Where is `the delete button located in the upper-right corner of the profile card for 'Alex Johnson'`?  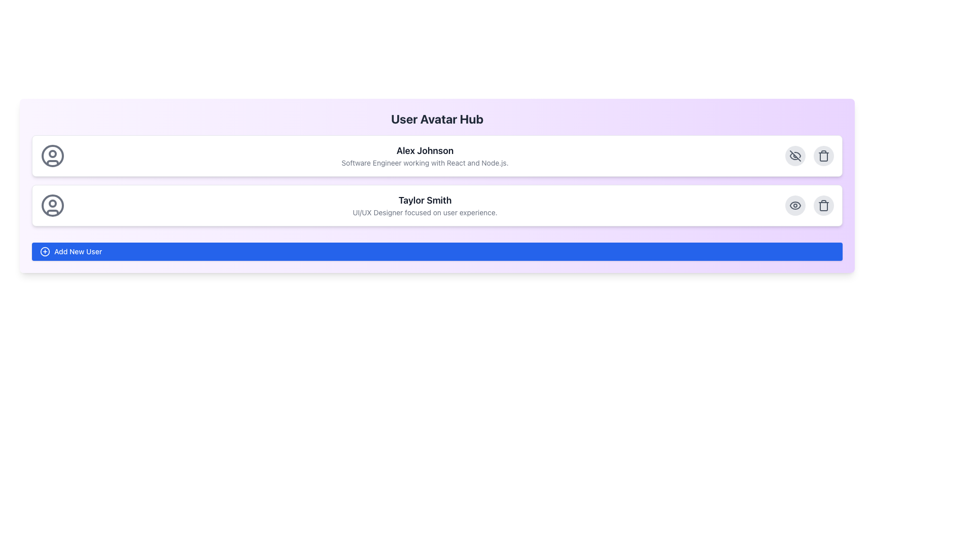 the delete button located in the upper-right corner of the profile card for 'Alex Johnson' is located at coordinates (823, 156).